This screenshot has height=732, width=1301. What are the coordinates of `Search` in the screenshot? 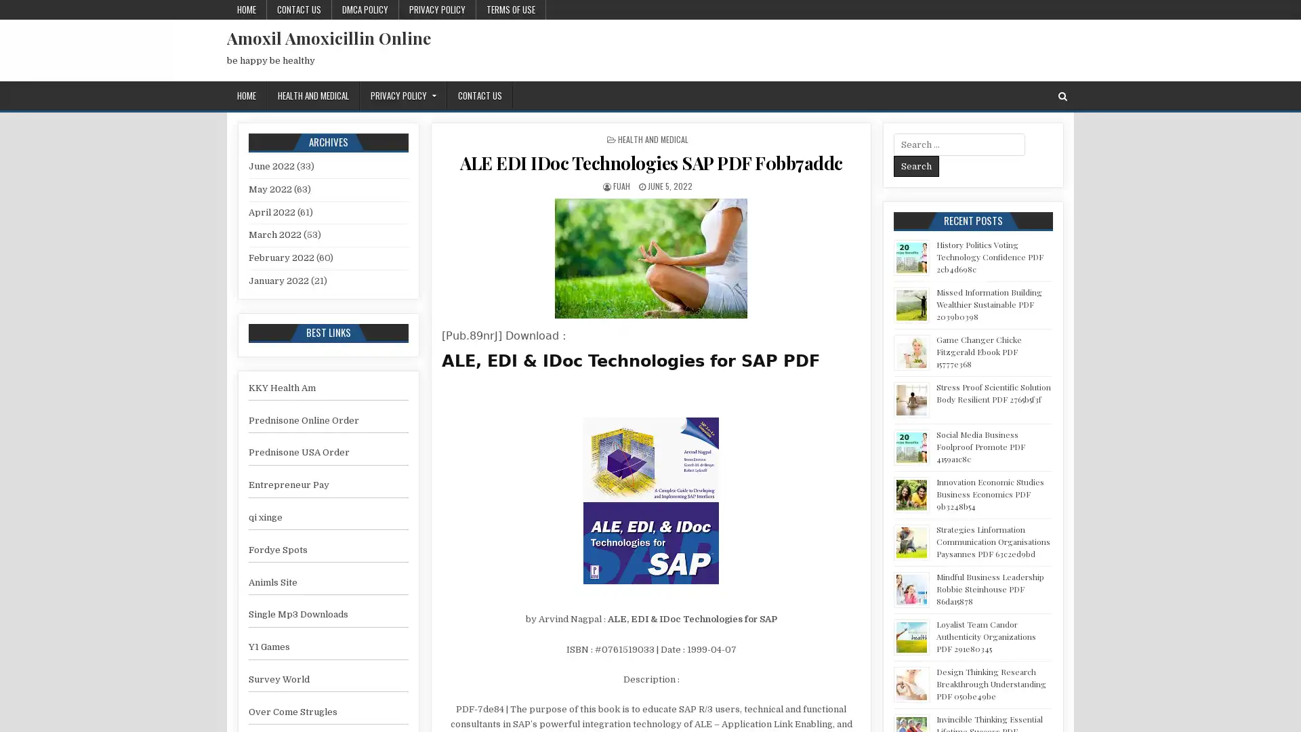 It's located at (915, 165).